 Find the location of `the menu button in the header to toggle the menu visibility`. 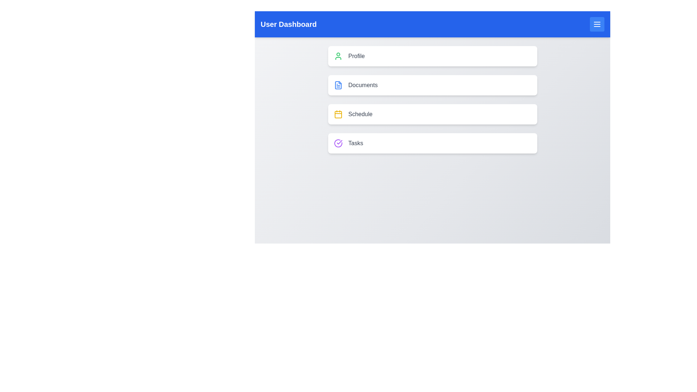

the menu button in the header to toggle the menu visibility is located at coordinates (597, 24).